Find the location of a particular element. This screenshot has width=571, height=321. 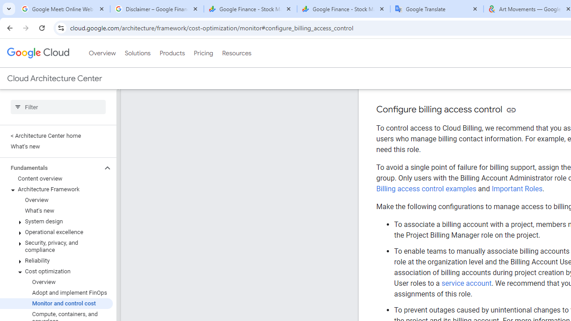

'System design' is located at coordinates (56, 221).